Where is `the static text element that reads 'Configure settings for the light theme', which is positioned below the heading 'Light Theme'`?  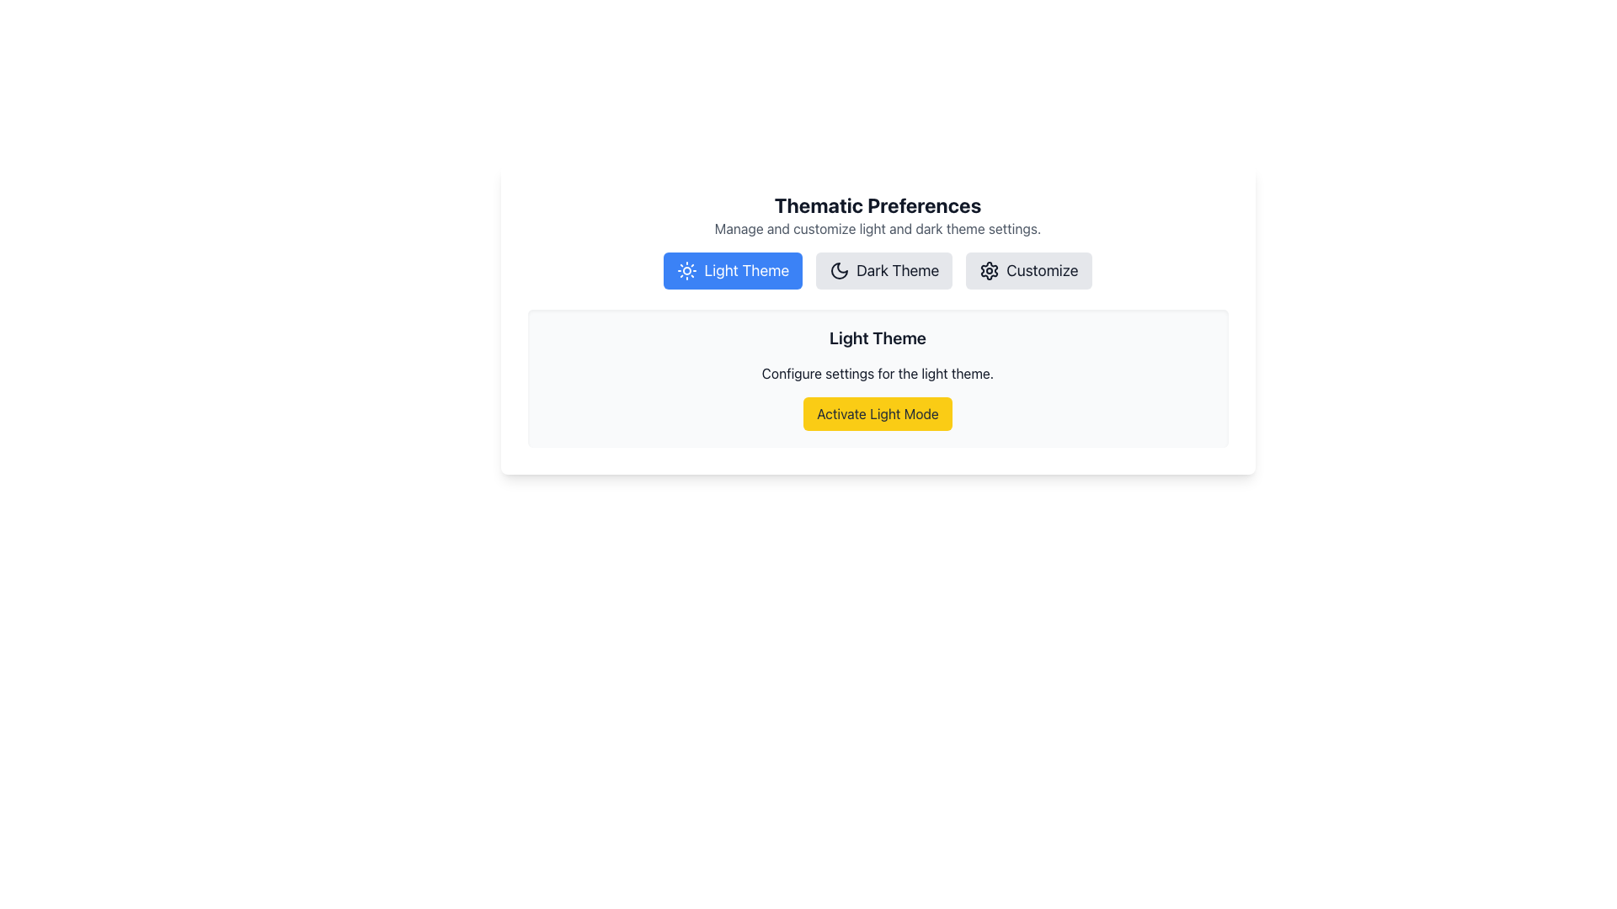
the static text element that reads 'Configure settings for the light theme', which is positioned below the heading 'Light Theme' is located at coordinates (877, 372).